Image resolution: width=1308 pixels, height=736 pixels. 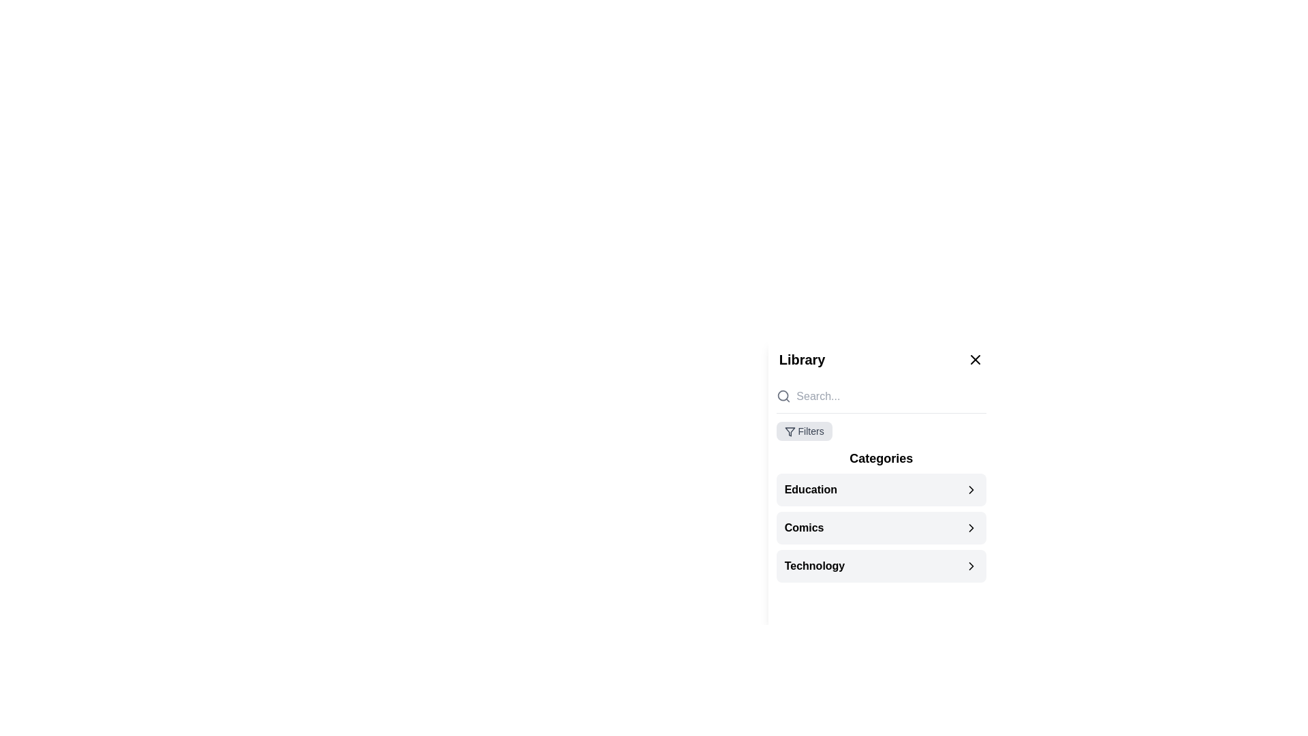 I want to click on the search icon located on the left side of the search bar, which visually indicates the search feature, so click(x=783, y=397).